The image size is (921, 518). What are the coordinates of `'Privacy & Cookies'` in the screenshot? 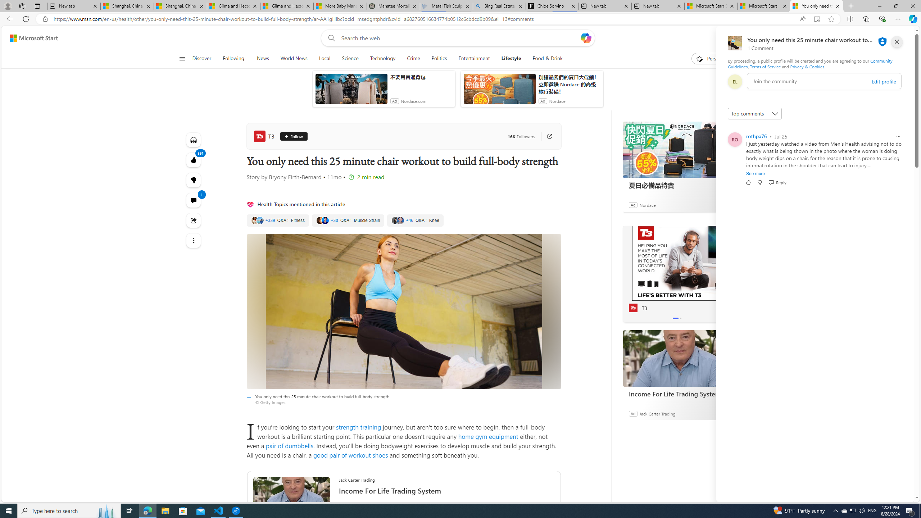 It's located at (807, 66).